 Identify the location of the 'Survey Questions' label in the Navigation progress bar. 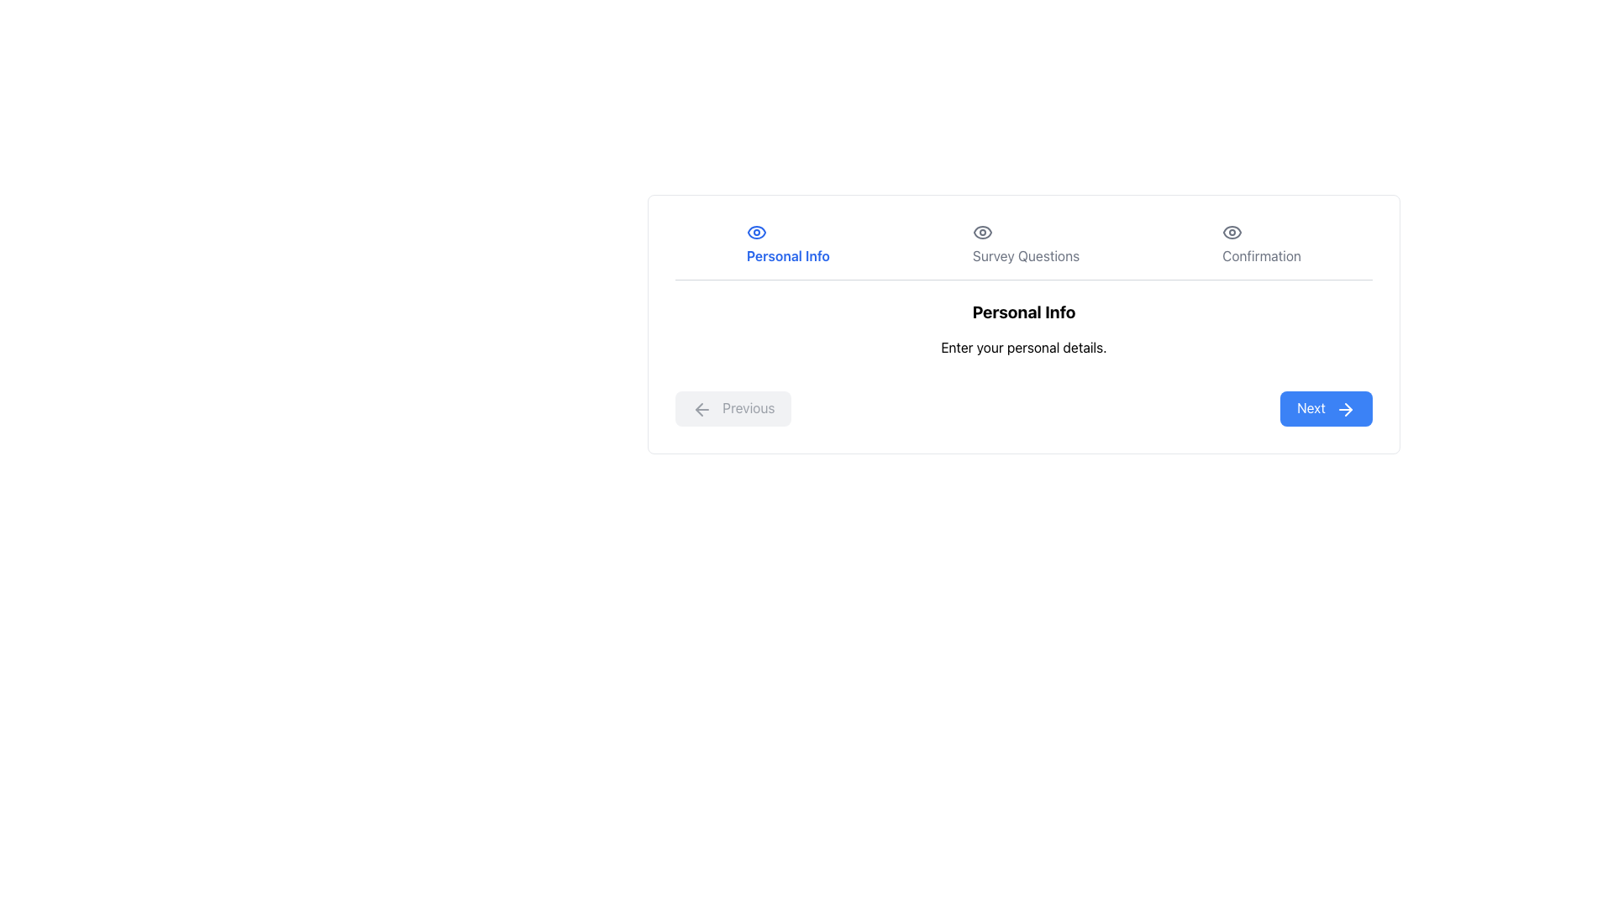
(1023, 251).